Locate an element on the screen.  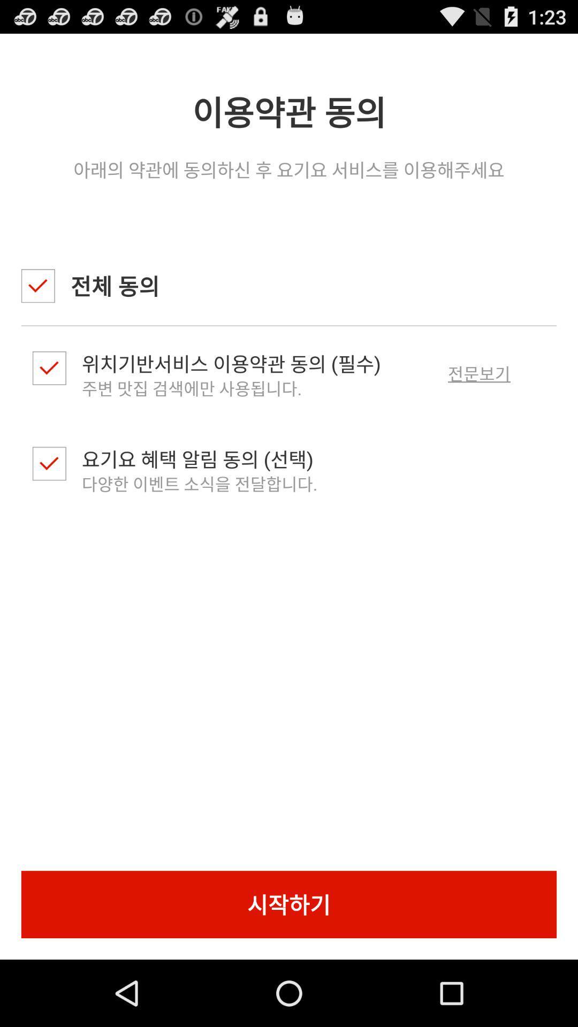
the icon on the right is located at coordinates (478, 374).